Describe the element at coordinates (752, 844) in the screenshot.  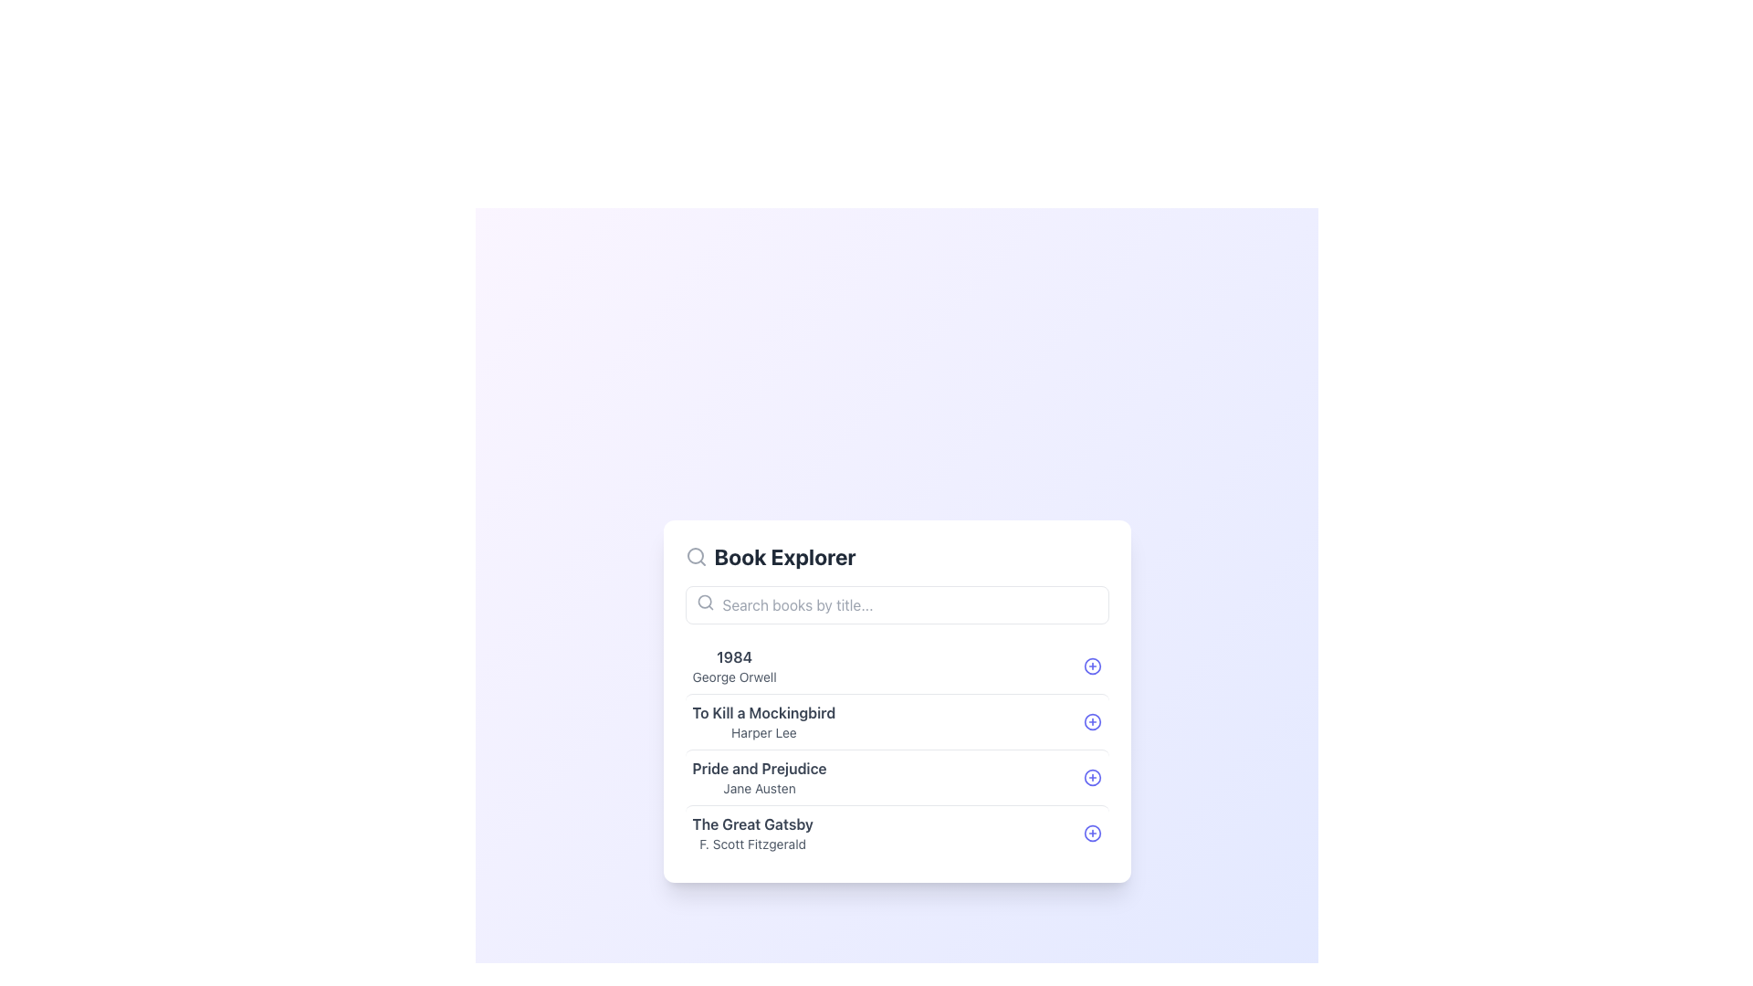
I see `the text label displaying 'F. Scott Fitzgerald' located beneath the book title 'The Great Gatsby' in the fourth item of the vertical book list` at that location.